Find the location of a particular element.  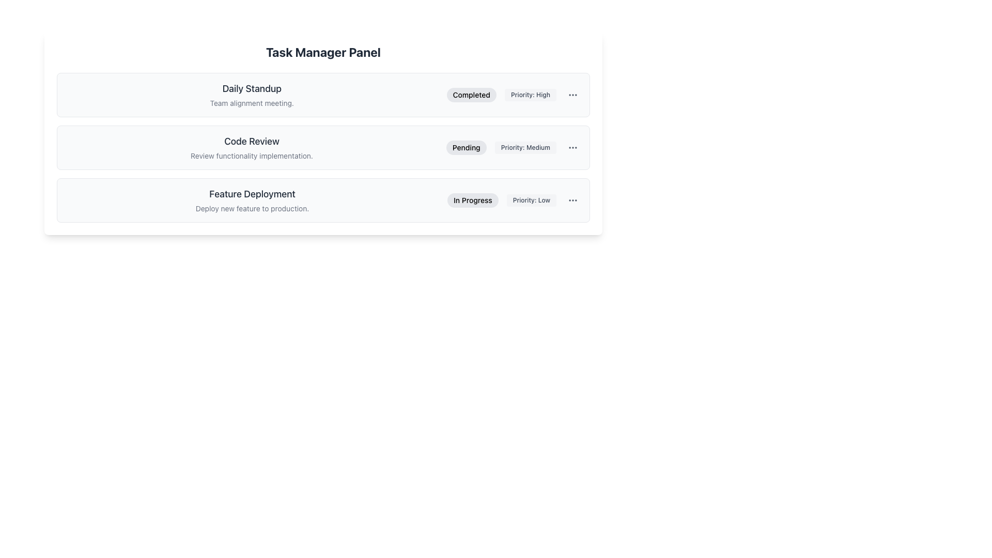

text displayed in the Text Label that says 'Team alignment meeting.' located under the 'Daily Standup' heading in the first task card is located at coordinates (252, 103).